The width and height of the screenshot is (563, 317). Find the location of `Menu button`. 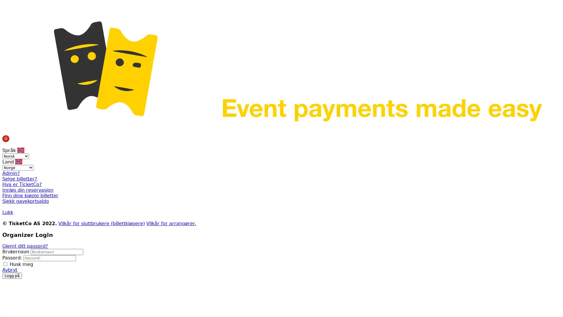

Menu button is located at coordinates (4, 146).